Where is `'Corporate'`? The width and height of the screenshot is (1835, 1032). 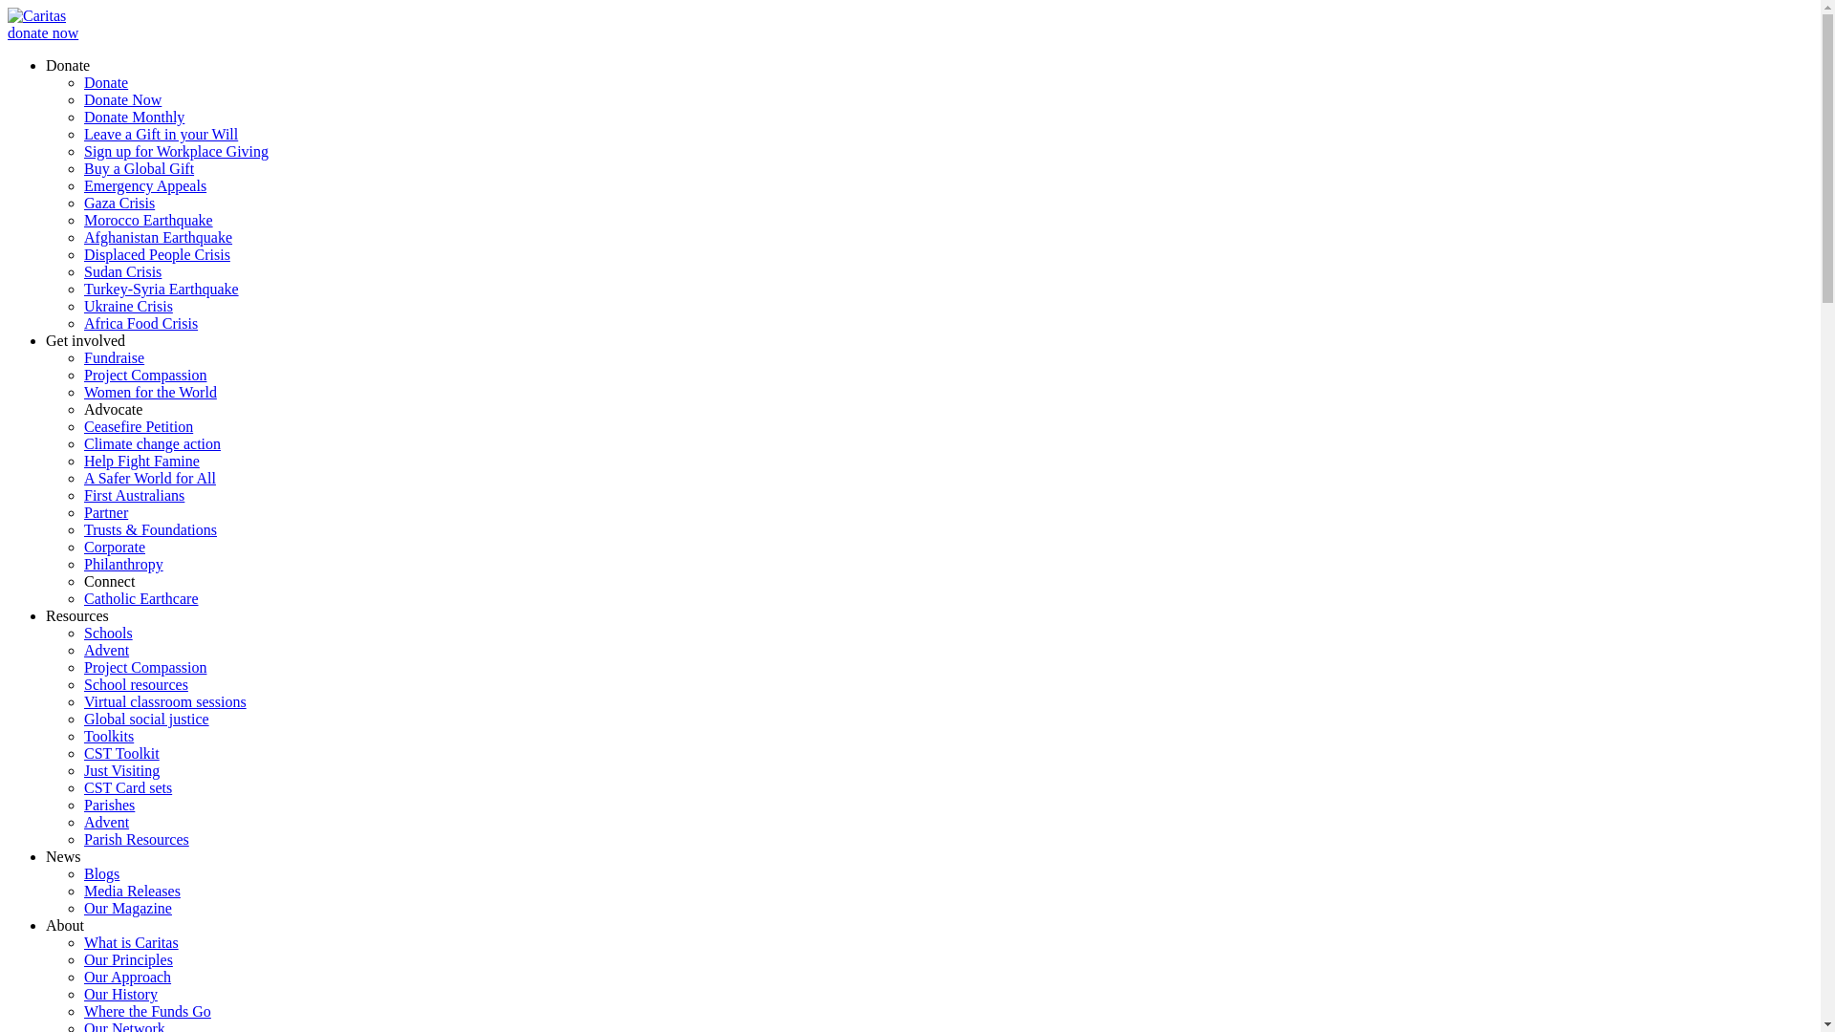
'Corporate' is located at coordinates (114, 547).